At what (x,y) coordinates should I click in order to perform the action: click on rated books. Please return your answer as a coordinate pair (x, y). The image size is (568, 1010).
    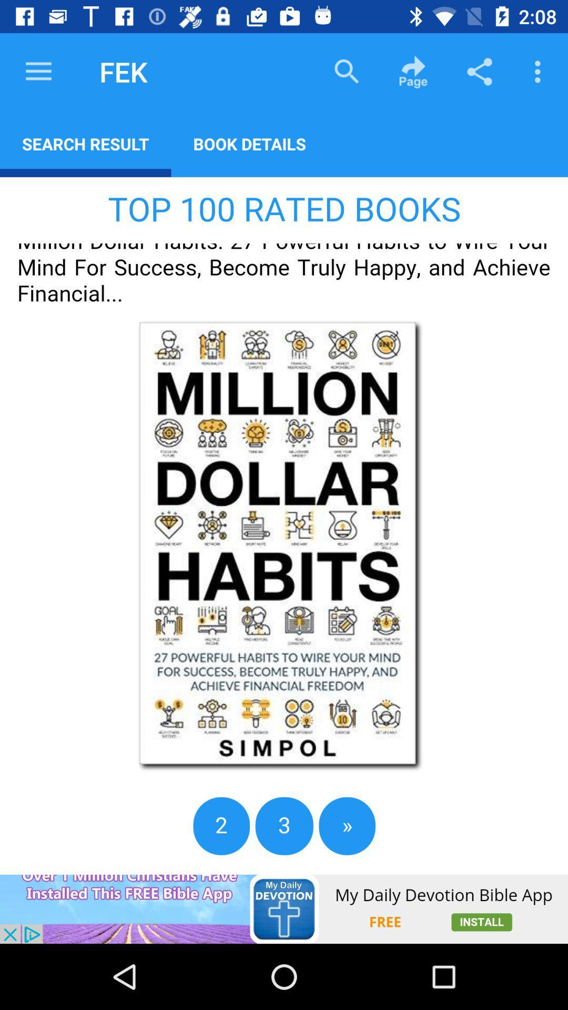
    Looking at the image, I should click on (284, 526).